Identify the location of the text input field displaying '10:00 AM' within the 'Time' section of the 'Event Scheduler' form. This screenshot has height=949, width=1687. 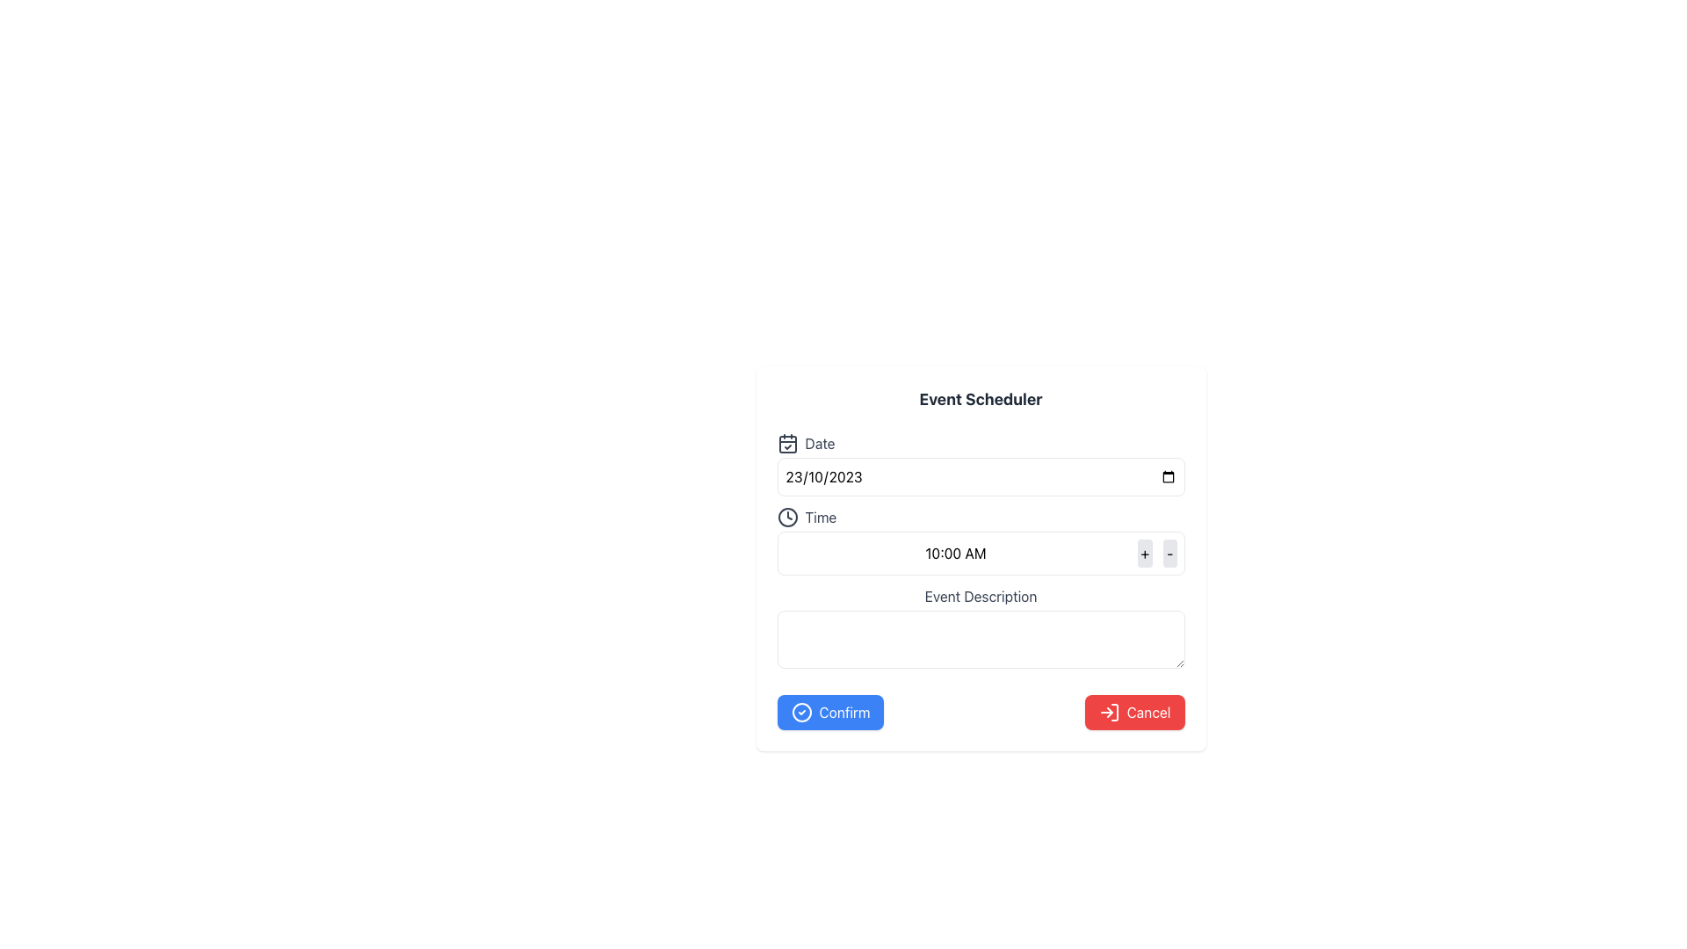
(955, 552).